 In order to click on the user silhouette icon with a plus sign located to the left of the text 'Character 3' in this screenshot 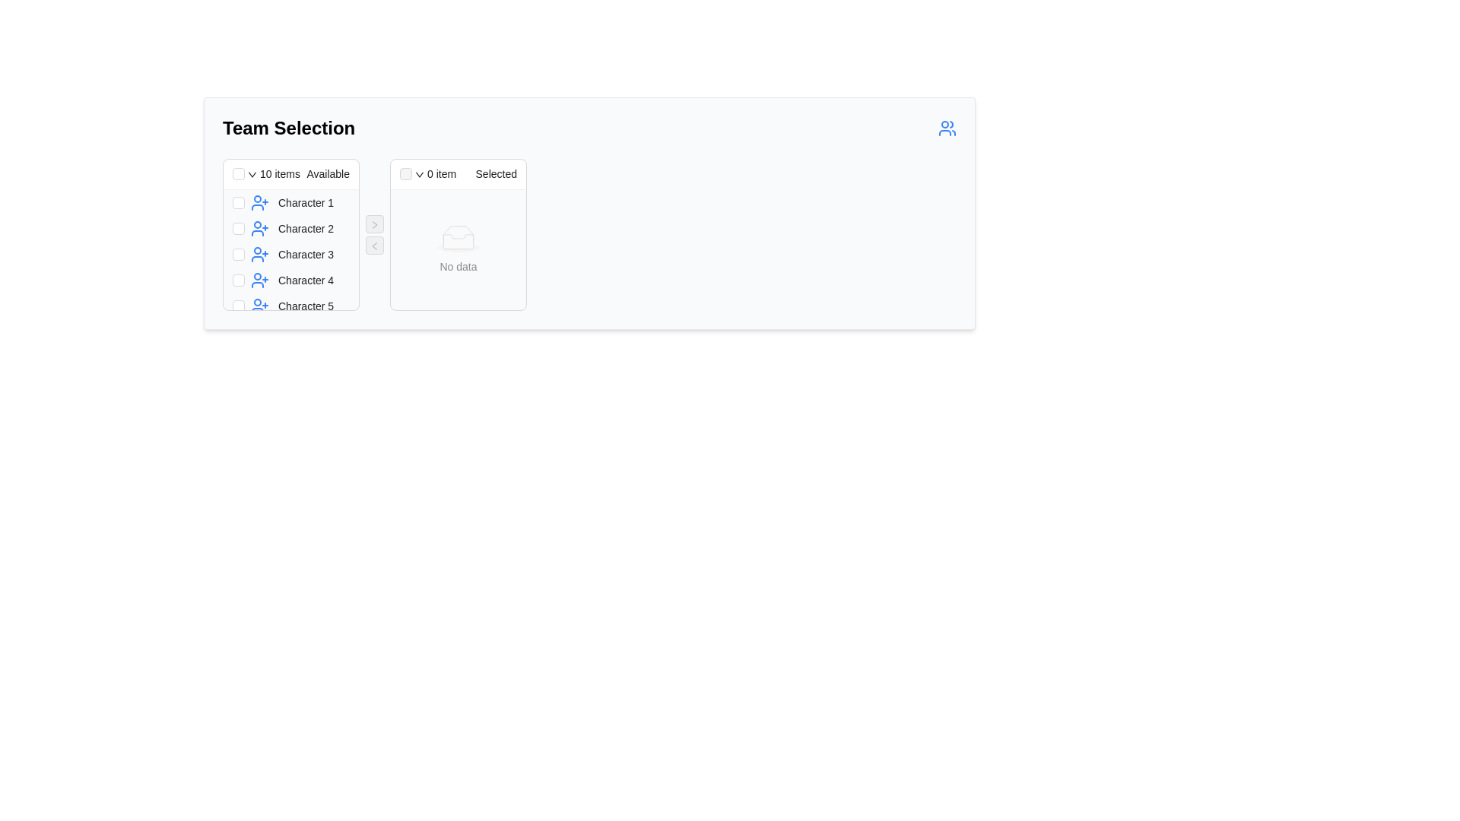, I will do `click(259, 254)`.